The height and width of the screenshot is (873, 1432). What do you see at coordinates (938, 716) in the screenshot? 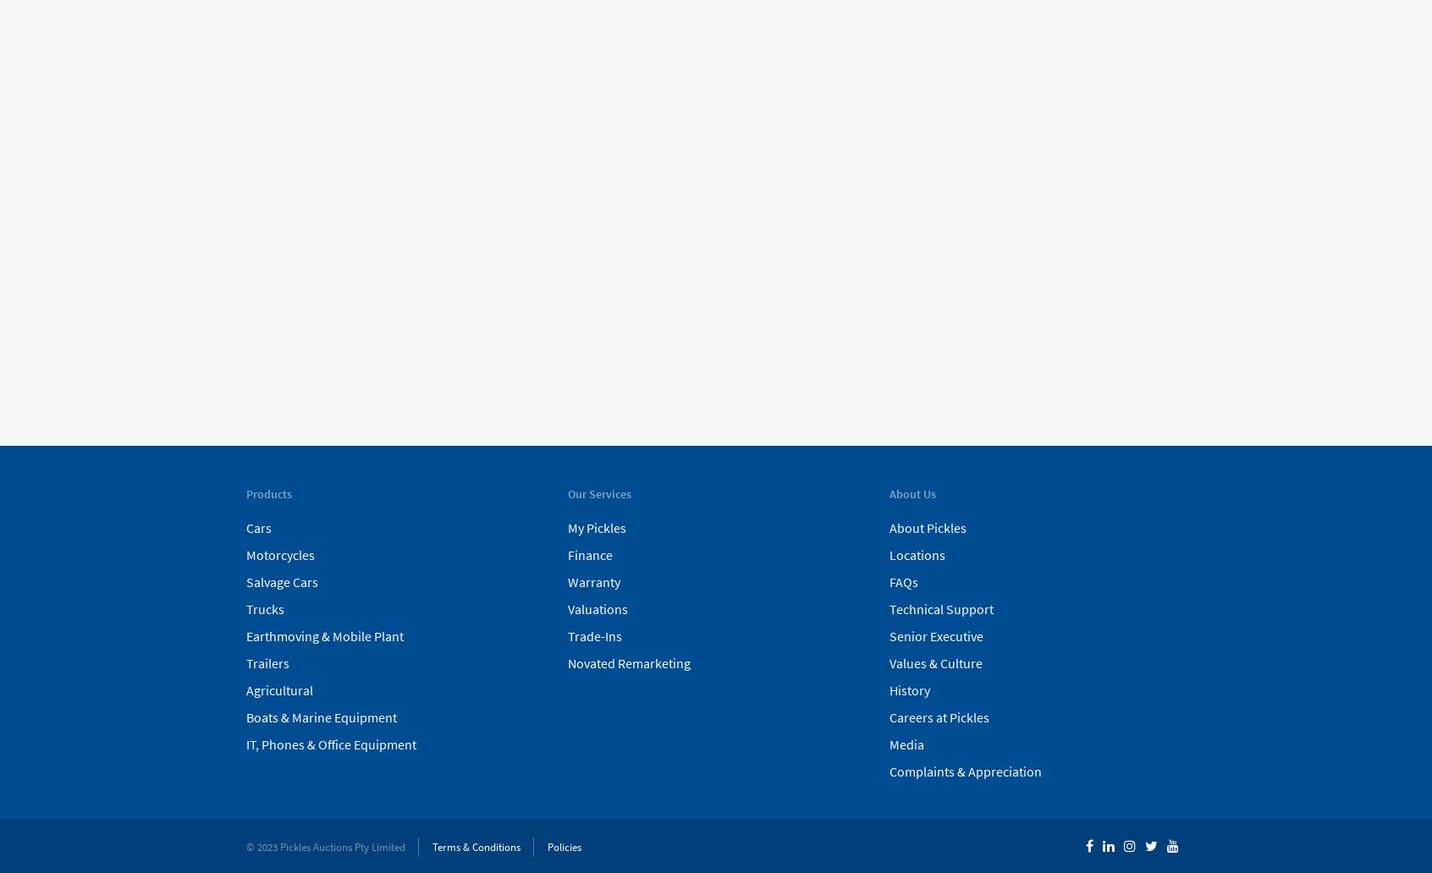
I see `'Careers at Pickles'` at bounding box center [938, 716].